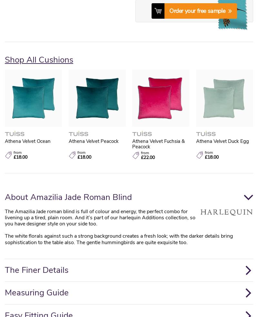 This screenshot has height=317, width=258. I want to click on 'Contact', so click(74, 101).